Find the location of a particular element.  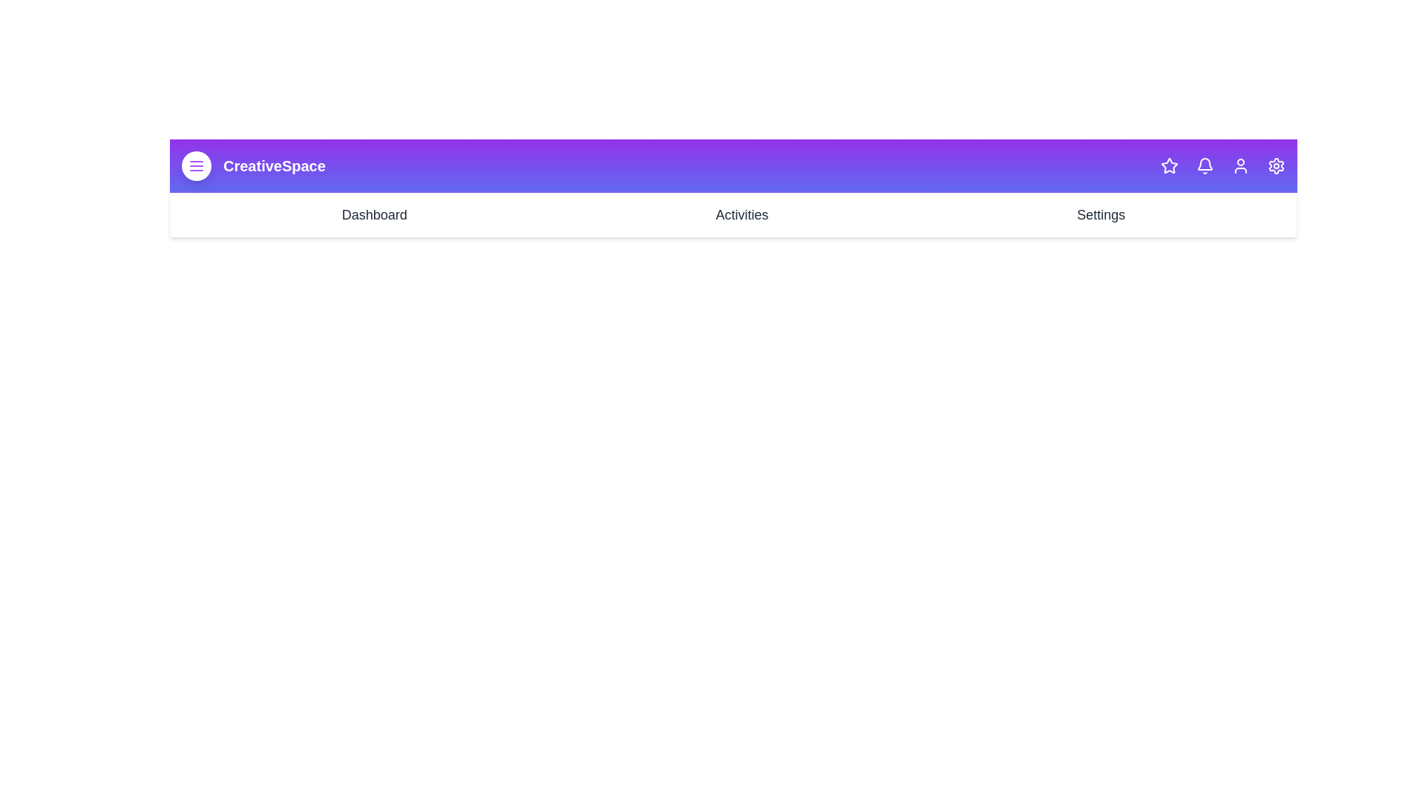

the Settings icon in the top-right corner of the app bar is located at coordinates (1275, 165).